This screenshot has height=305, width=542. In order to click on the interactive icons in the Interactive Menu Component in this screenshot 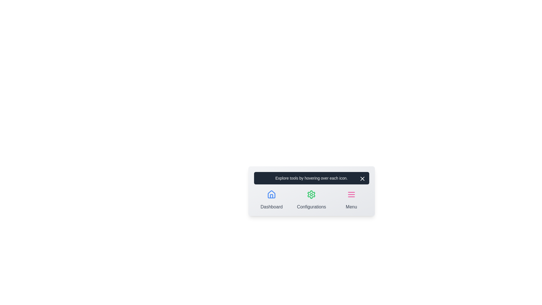, I will do `click(311, 191)`.